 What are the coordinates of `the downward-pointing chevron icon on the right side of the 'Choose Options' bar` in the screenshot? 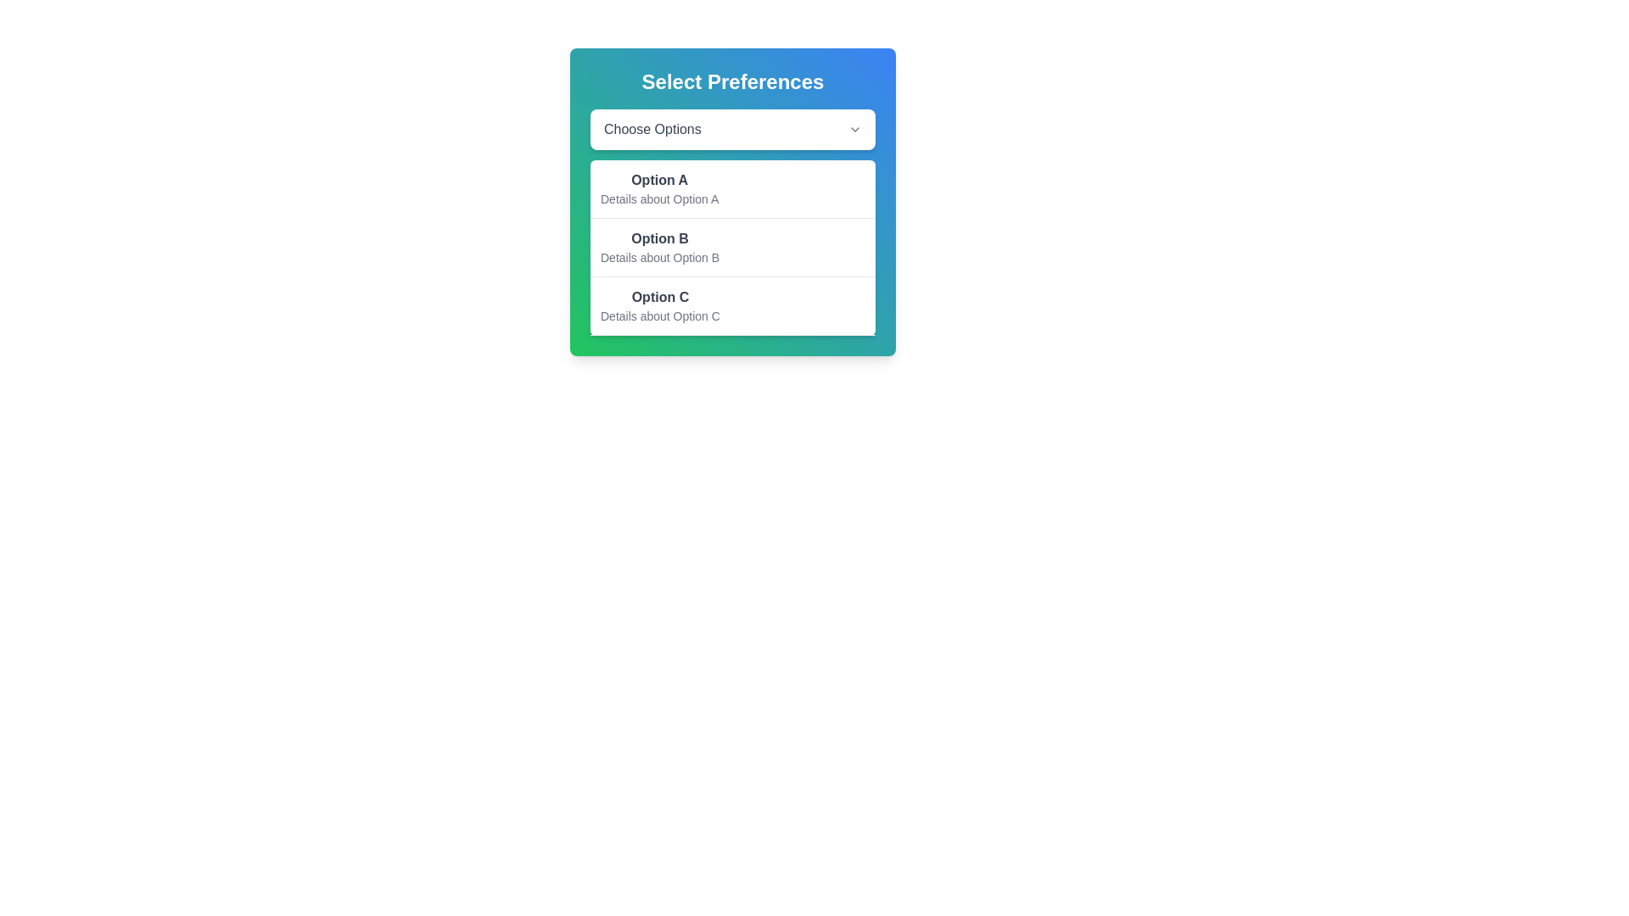 It's located at (855, 129).